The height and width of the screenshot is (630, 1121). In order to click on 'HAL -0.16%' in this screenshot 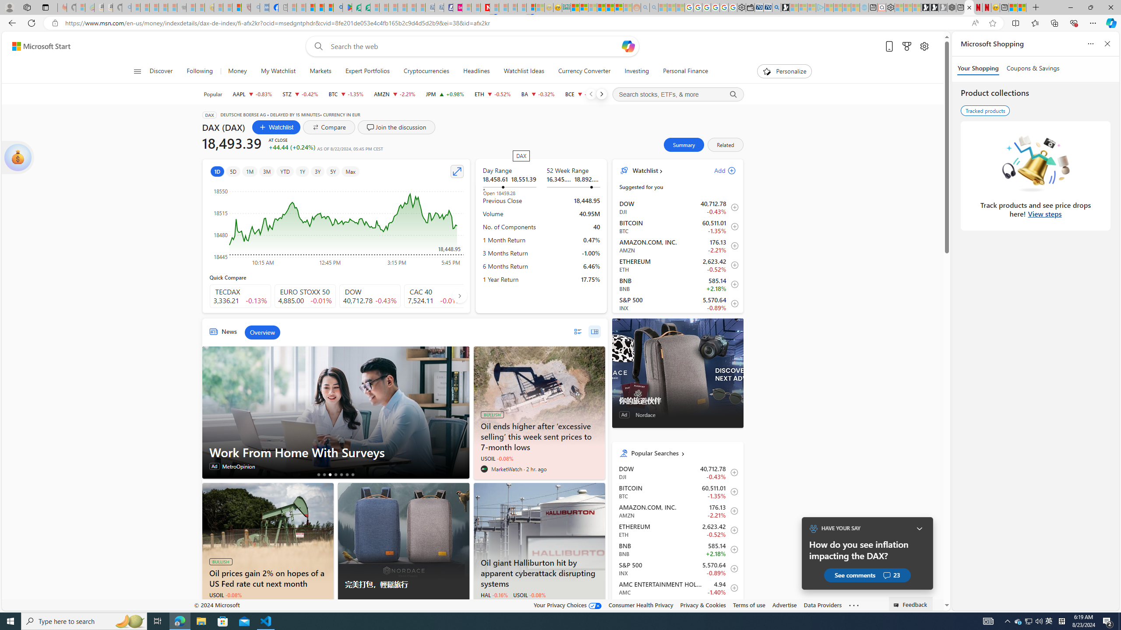, I will do `click(494, 595)`.